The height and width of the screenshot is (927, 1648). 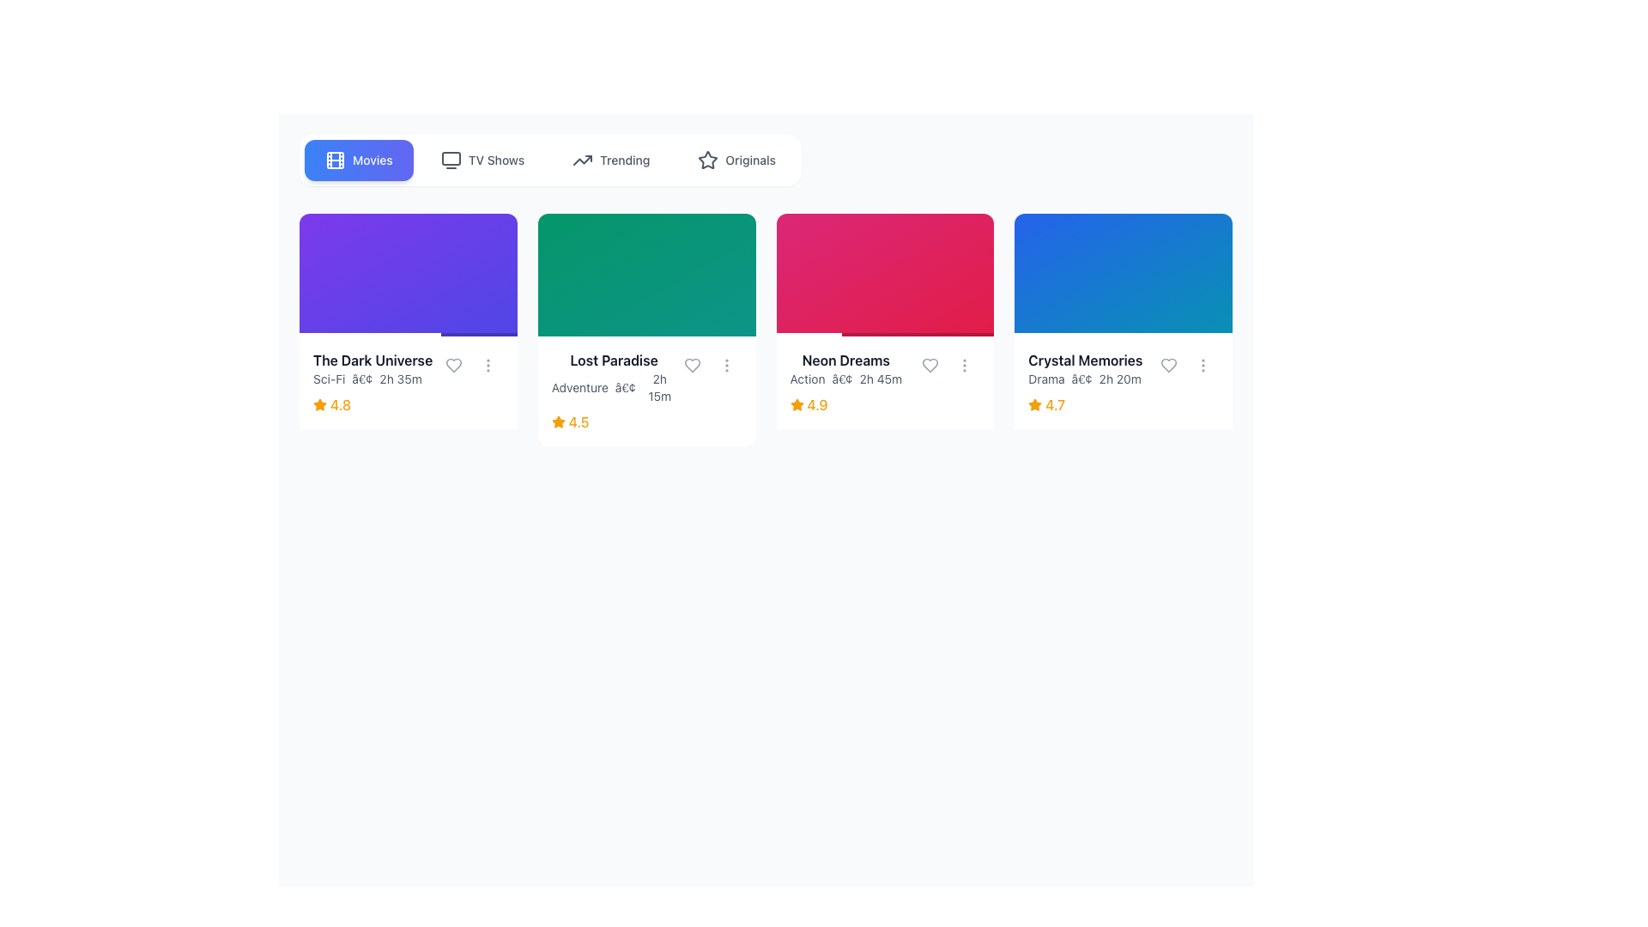 What do you see at coordinates (645, 391) in the screenshot?
I see `the text block containing movie details for 'Lost Paradise'` at bounding box center [645, 391].